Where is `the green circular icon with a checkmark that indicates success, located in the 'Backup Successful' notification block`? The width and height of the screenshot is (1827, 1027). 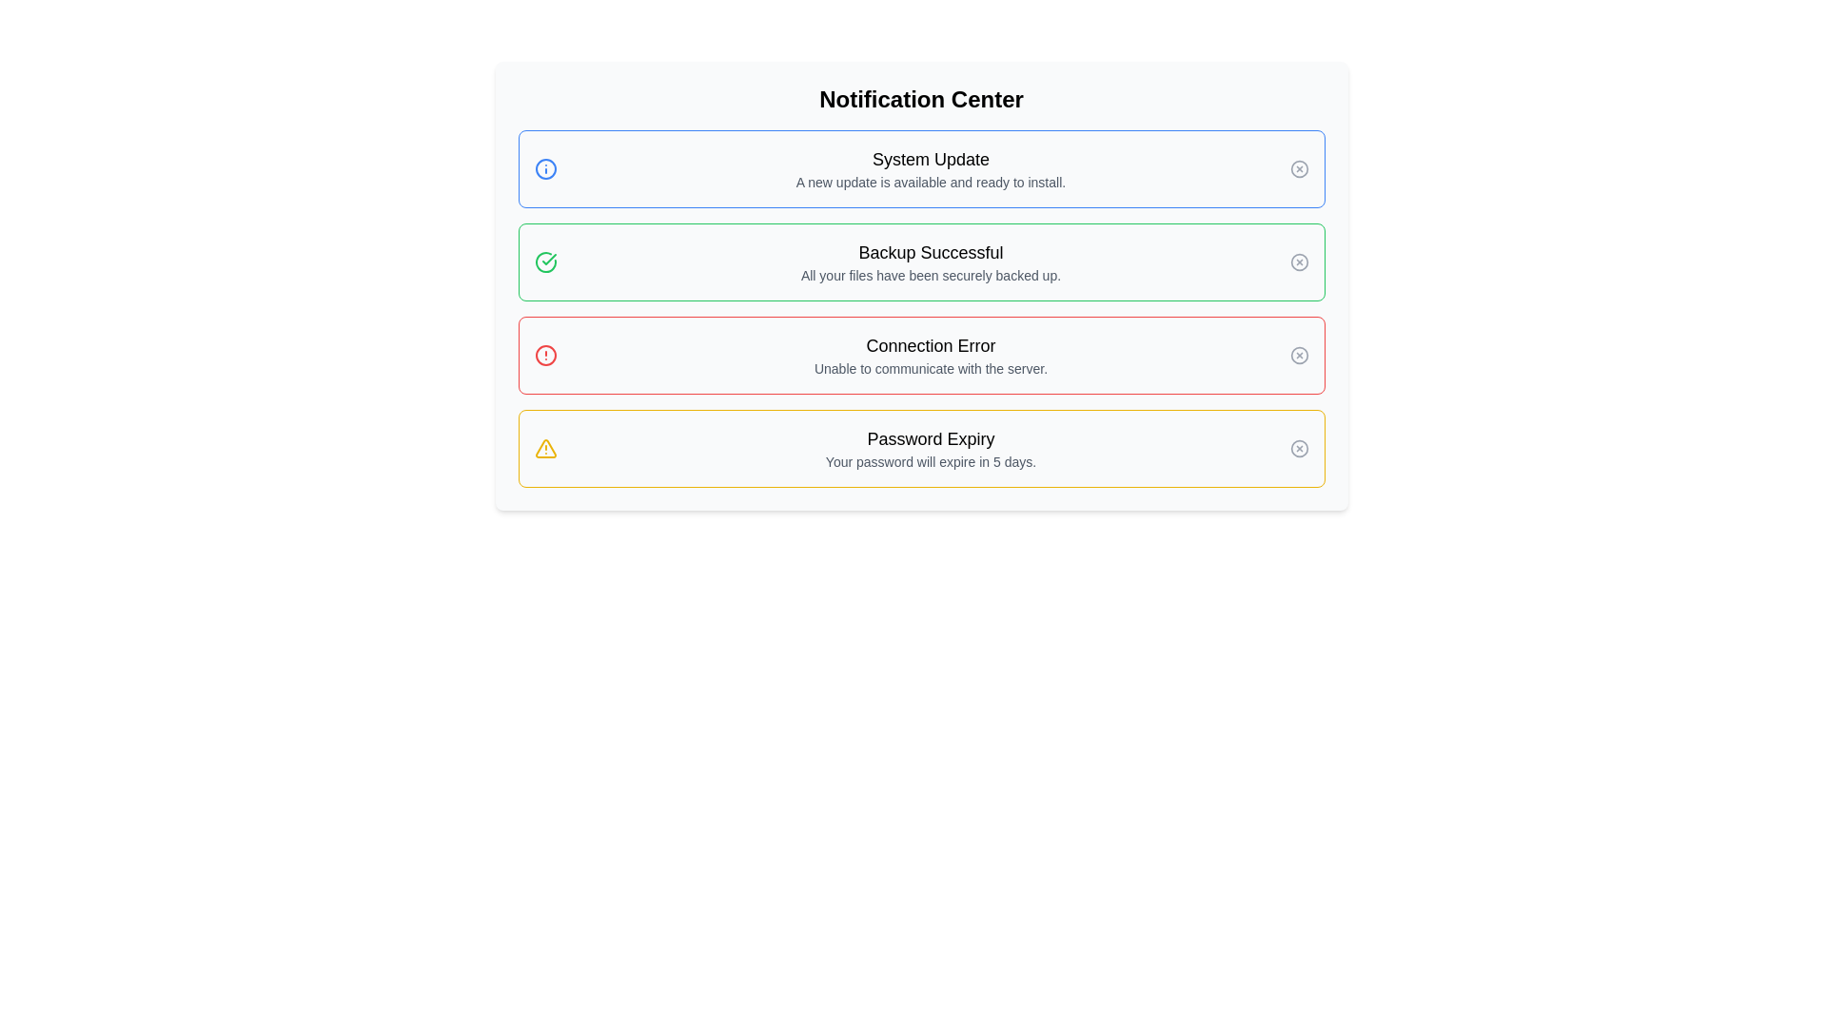
the green circular icon with a checkmark that indicates success, located in the 'Backup Successful' notification block is located at coordinates (544, 262).